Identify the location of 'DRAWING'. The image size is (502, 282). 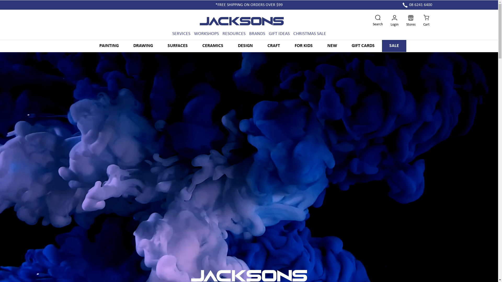
(143, 46).